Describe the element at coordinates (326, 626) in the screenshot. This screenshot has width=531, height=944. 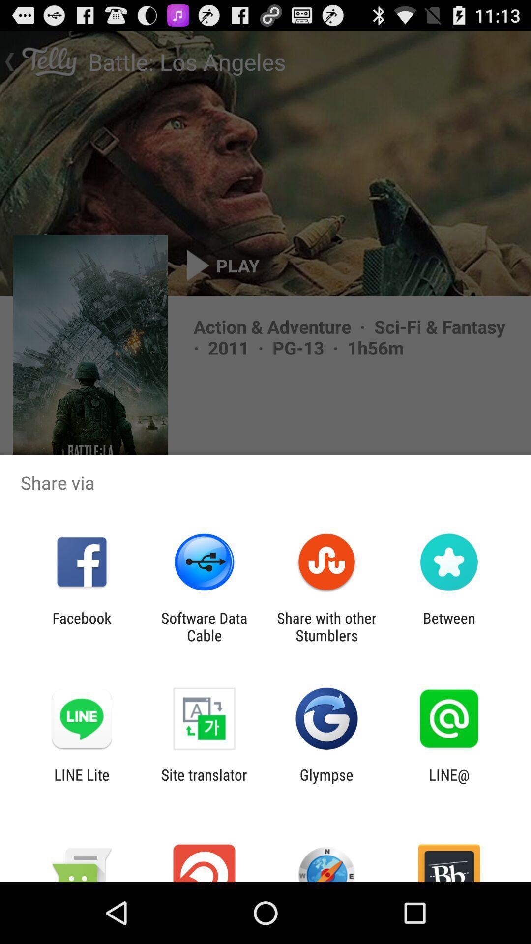
I see `icon to the left of the between icon` at that location.